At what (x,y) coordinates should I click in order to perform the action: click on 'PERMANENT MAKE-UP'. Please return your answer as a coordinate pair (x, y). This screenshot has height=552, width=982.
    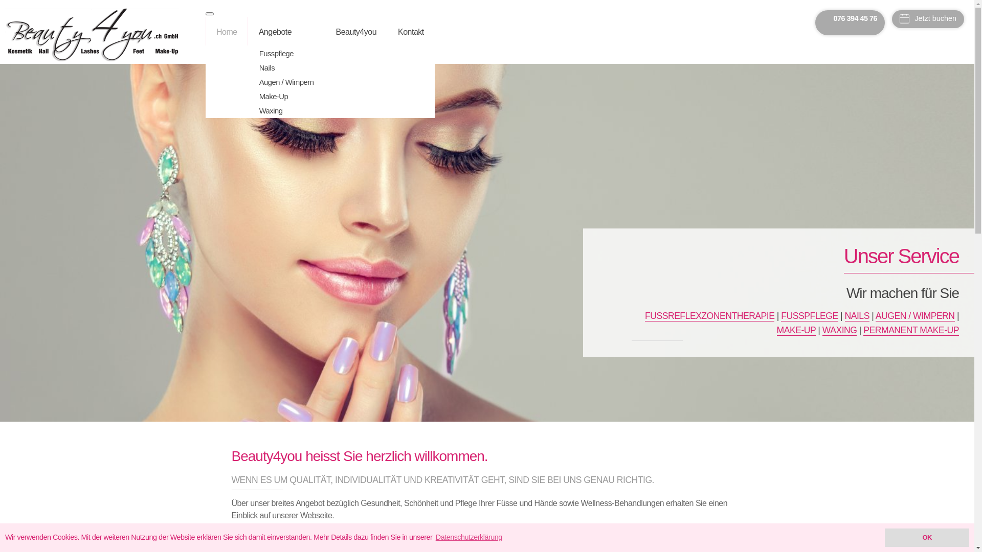
    Looking at the image, I should click on (911, 330).